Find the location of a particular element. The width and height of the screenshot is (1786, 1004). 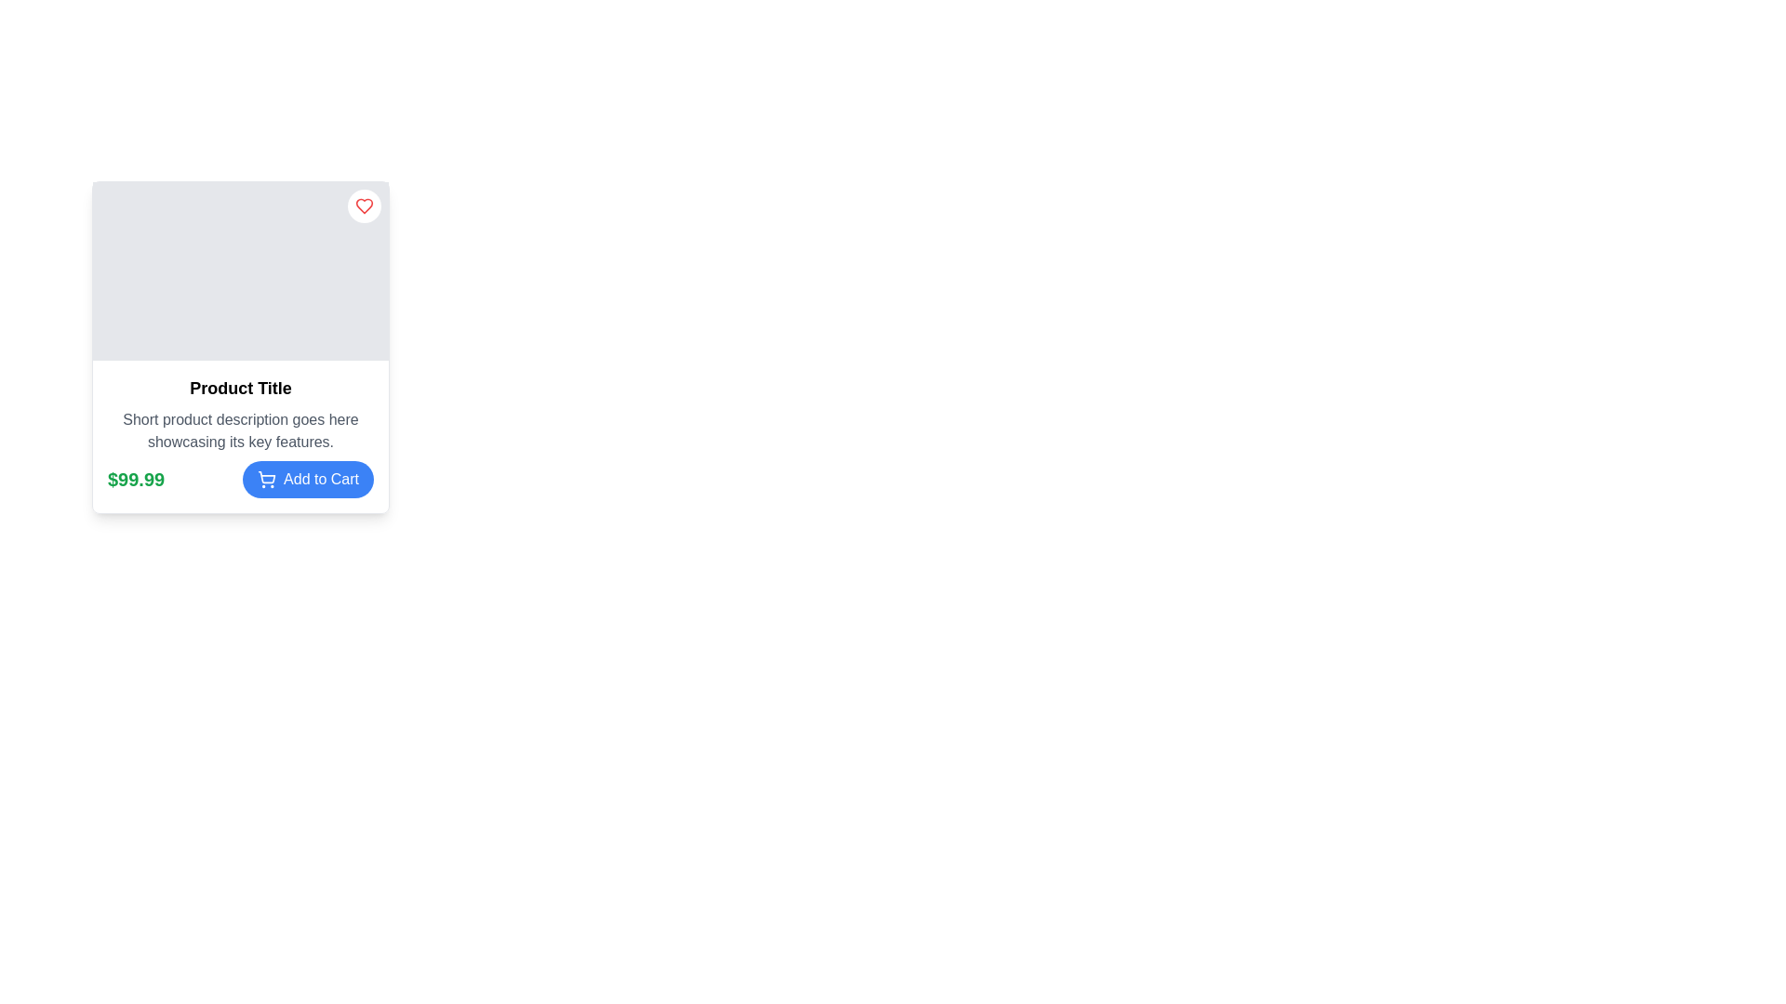

the shopping cart icon located within the blue 'Add to Cart' button at the bottom-right corner of the product card is located at coordinates (266, 476).